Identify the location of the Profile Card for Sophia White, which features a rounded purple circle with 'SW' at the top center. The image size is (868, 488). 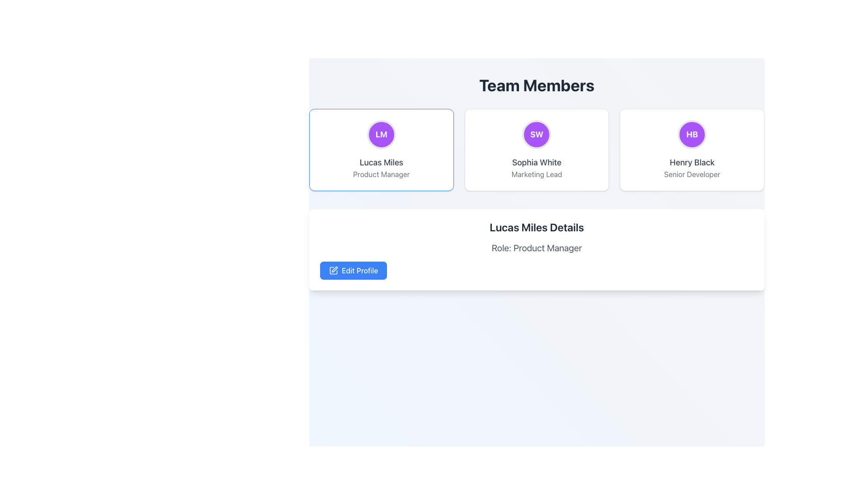
(537, 149).